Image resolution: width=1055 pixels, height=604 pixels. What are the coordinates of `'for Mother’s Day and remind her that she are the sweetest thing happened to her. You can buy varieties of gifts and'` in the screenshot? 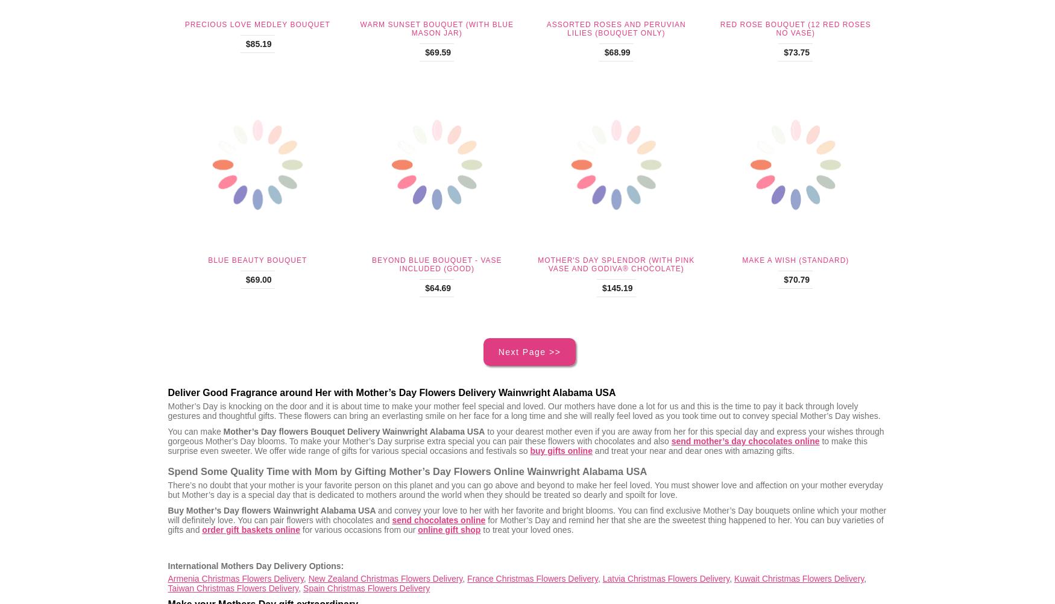 It's located at (525, 524).